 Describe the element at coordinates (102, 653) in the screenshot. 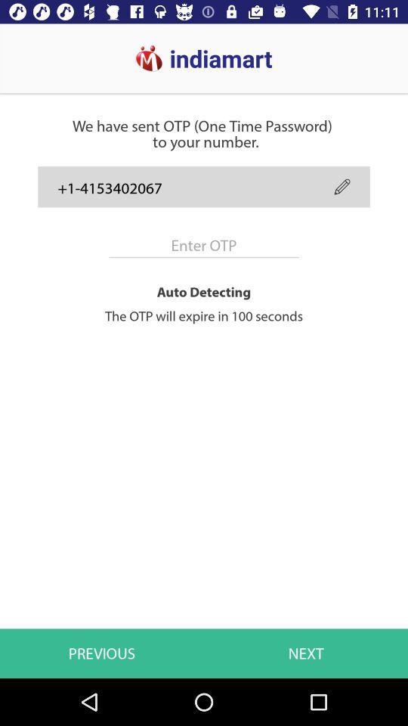

I see `the previous icon` at that location.